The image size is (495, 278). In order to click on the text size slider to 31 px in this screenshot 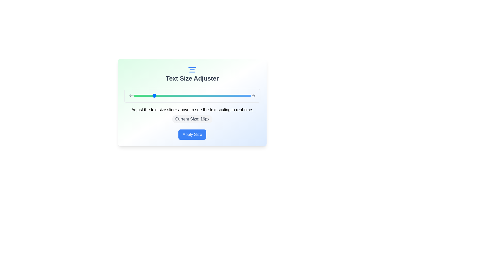, I will do `click(227, 95)`.